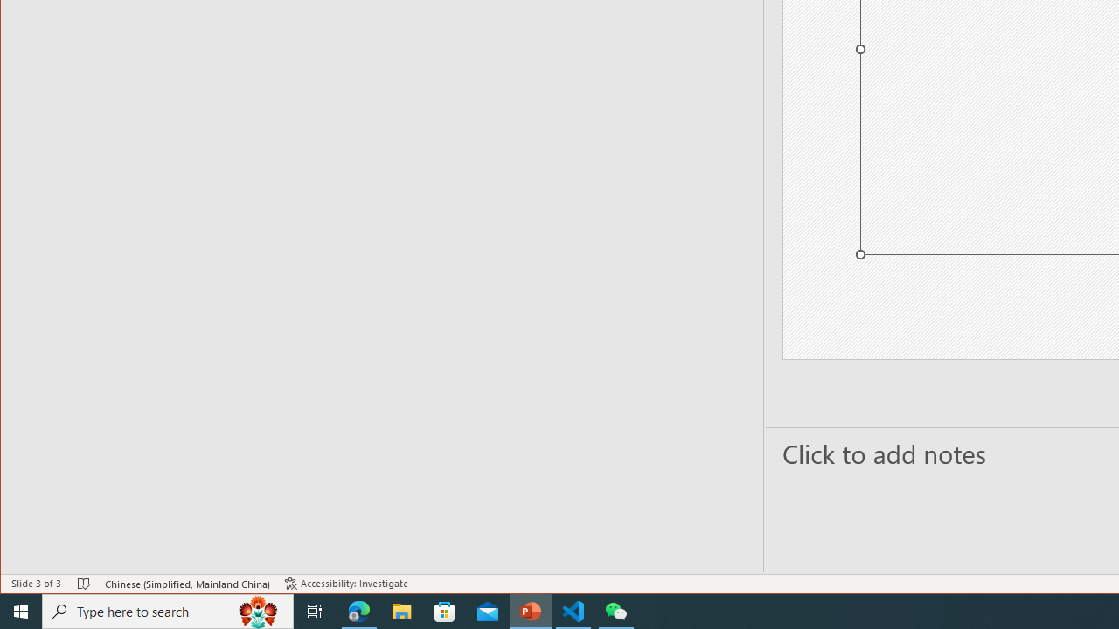  What do you see at coordinates (358, 610) in the screenshot?
I see `'Microsoft Edge - 1 running window'` at bounding box center [358, 610].